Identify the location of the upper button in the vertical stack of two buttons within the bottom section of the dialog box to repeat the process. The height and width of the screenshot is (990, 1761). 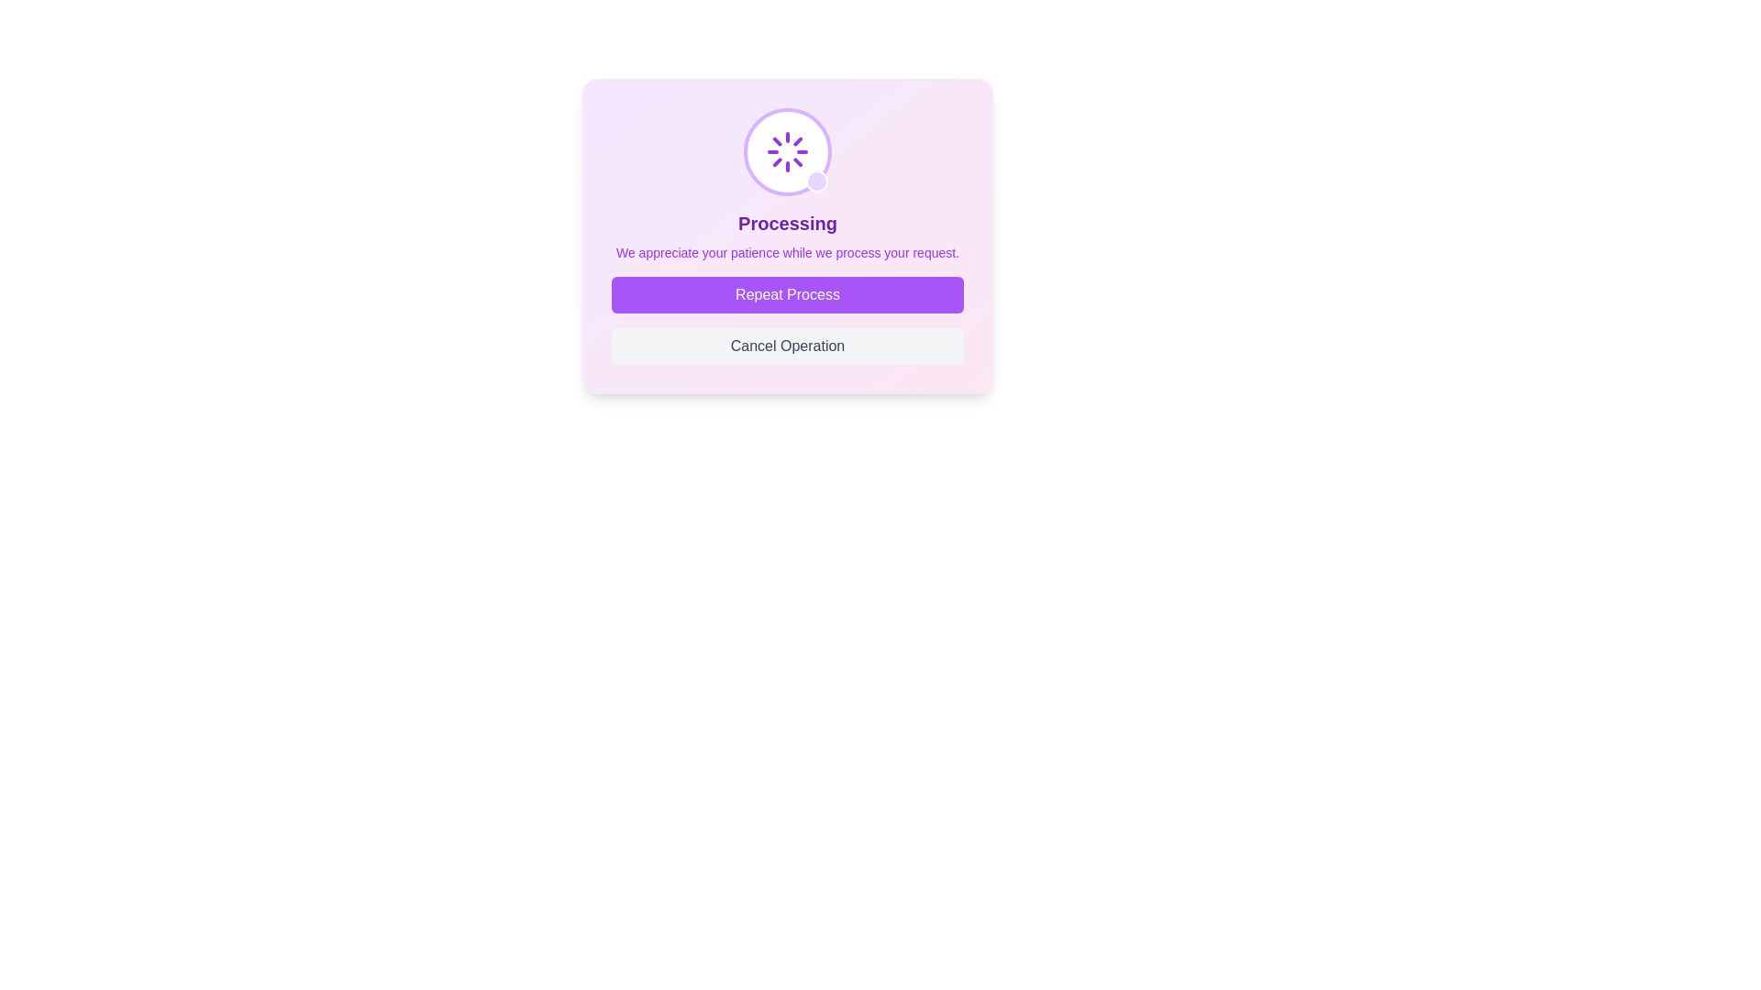
(788, 293).